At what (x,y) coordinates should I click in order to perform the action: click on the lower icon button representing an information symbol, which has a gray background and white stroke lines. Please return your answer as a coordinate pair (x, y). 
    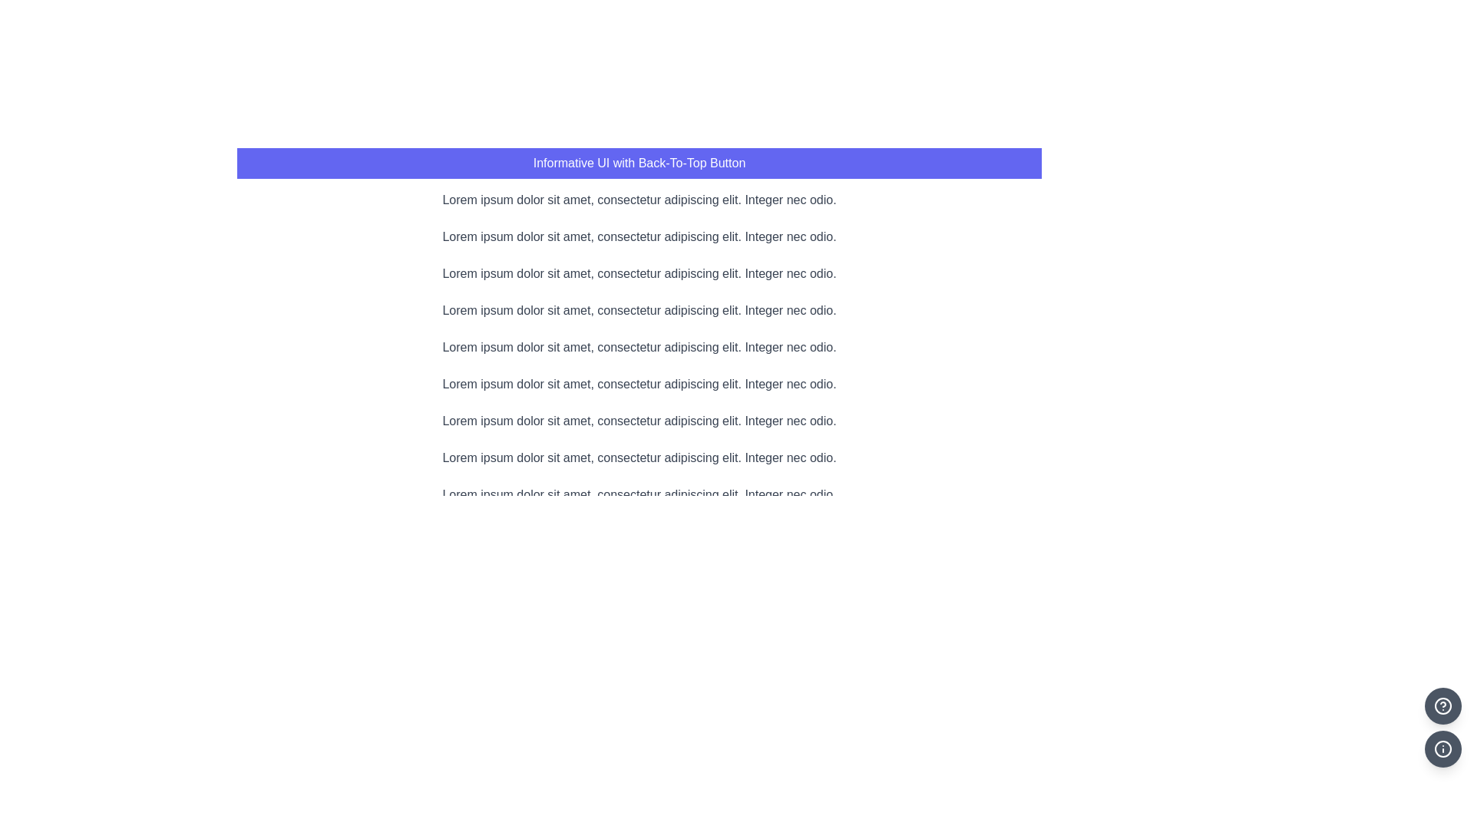
    Looking at the image, I should click on (1443, 748).